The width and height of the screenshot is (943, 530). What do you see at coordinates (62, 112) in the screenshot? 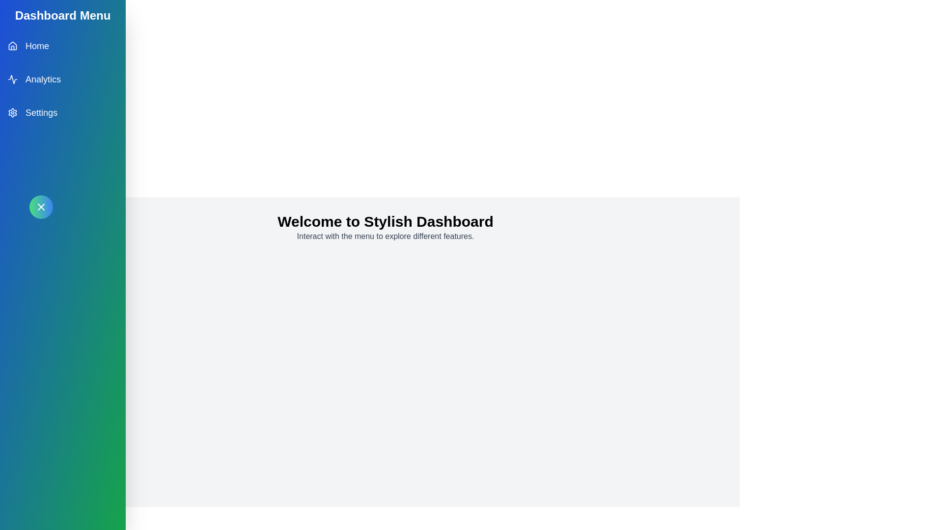
I see `the Settings panel from the menu` at bounding box center [62, 112].